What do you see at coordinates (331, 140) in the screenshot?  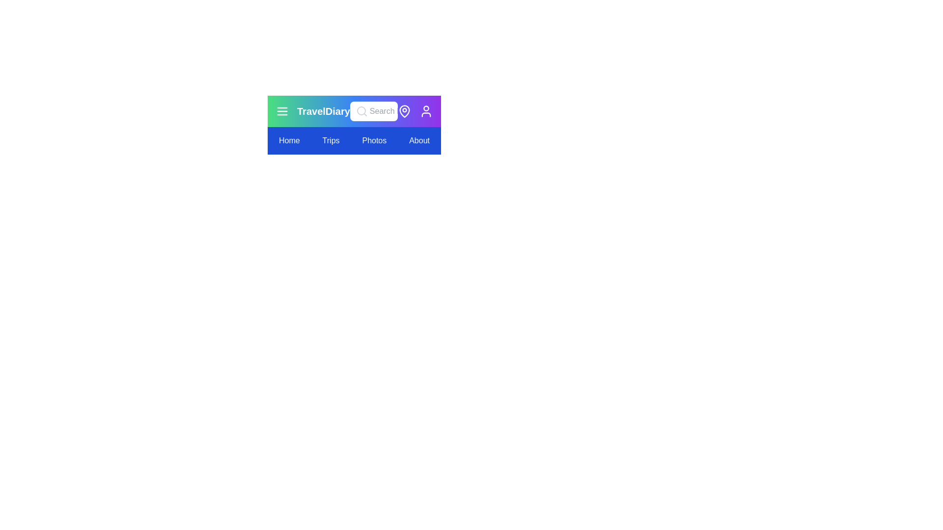 I see `the navigation menu item Trips to navigate to the respective section` at bounding box center [331, 140].